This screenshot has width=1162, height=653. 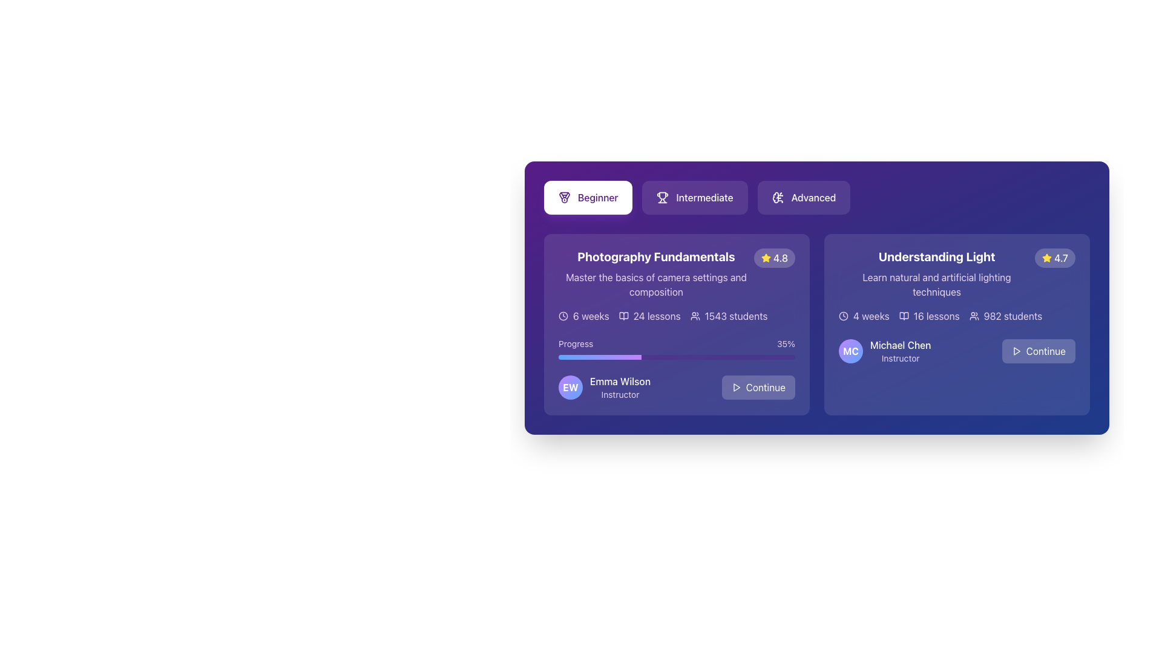 I want to click on the static rating indicator badge displaying the rating value '4.8' with a yellow star icon, located in the upper right corner of the 'Photography Fundamentals' card, so click(x=773, y=258).